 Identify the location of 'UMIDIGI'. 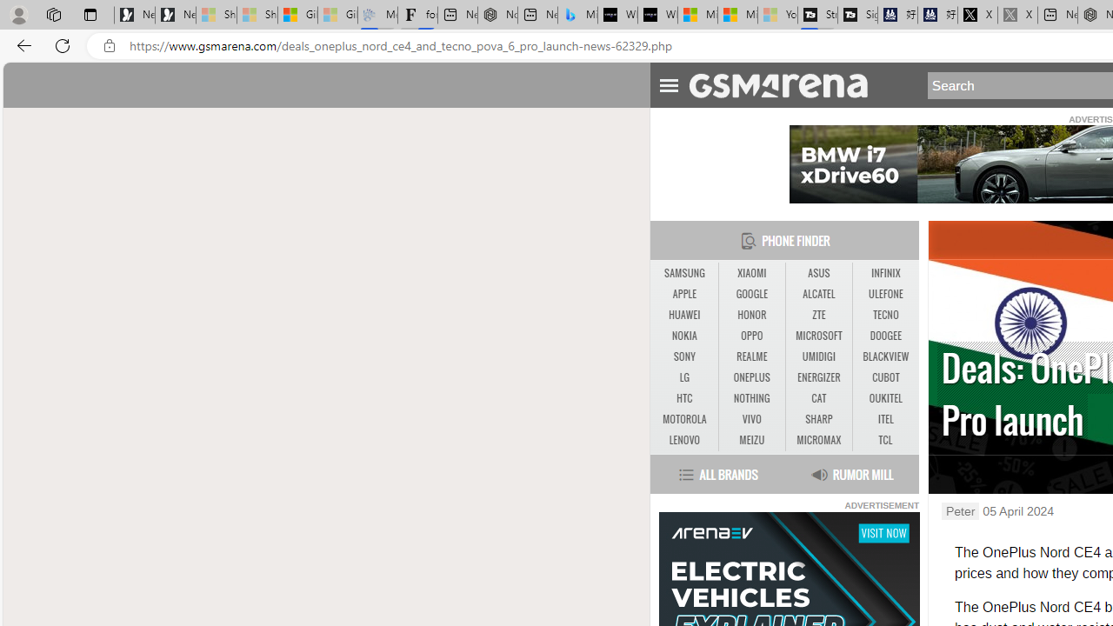
(818, 356).